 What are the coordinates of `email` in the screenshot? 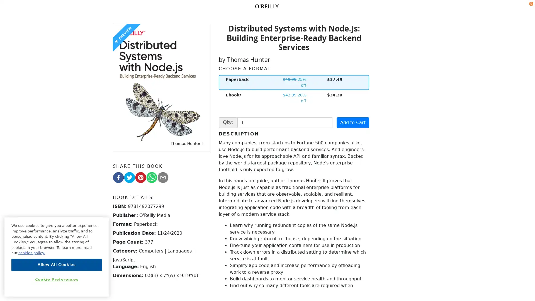 It's located at (163, 177).